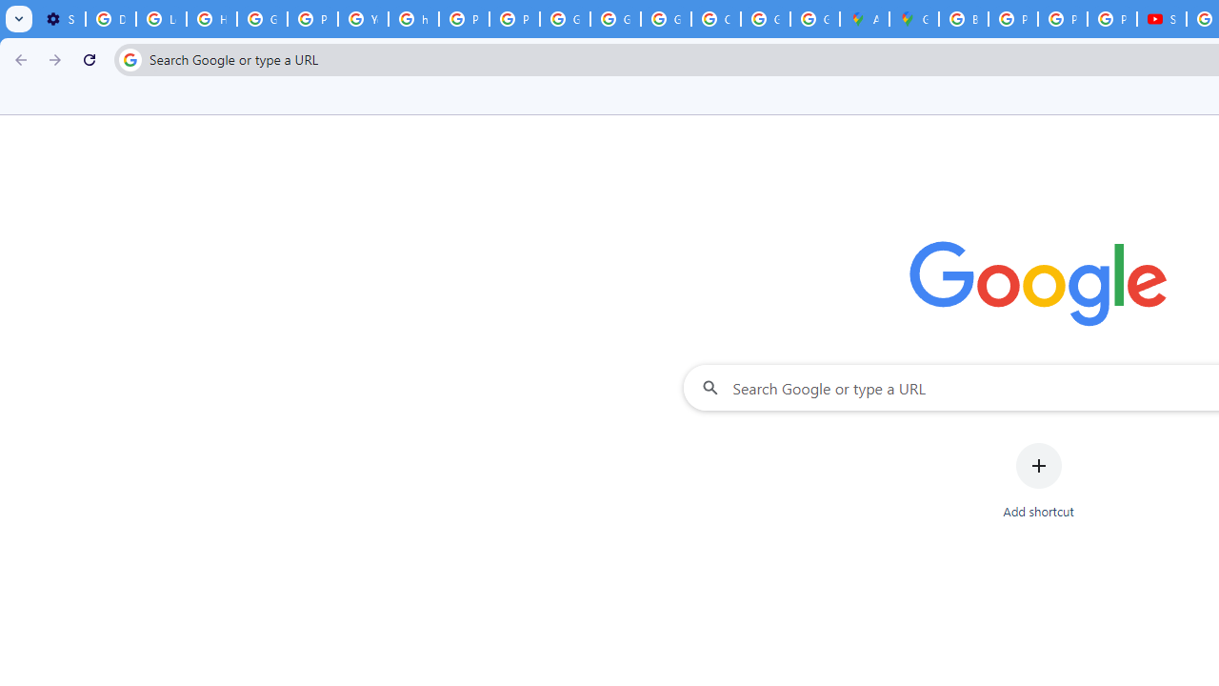 The height and width of the screenshot is (686, 1219). What do you see at coordinates (1012, 19) in the screenshot?
I see `'Privacy Help Center - Policies Help'` at bounding box center [1012, 19].